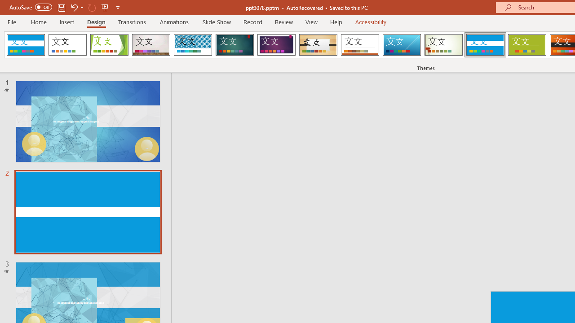 This screenshot has width=575, height=323. Describe the element at coordinates (318, 45) in the screenshot. I see `'Organic'` at that location.